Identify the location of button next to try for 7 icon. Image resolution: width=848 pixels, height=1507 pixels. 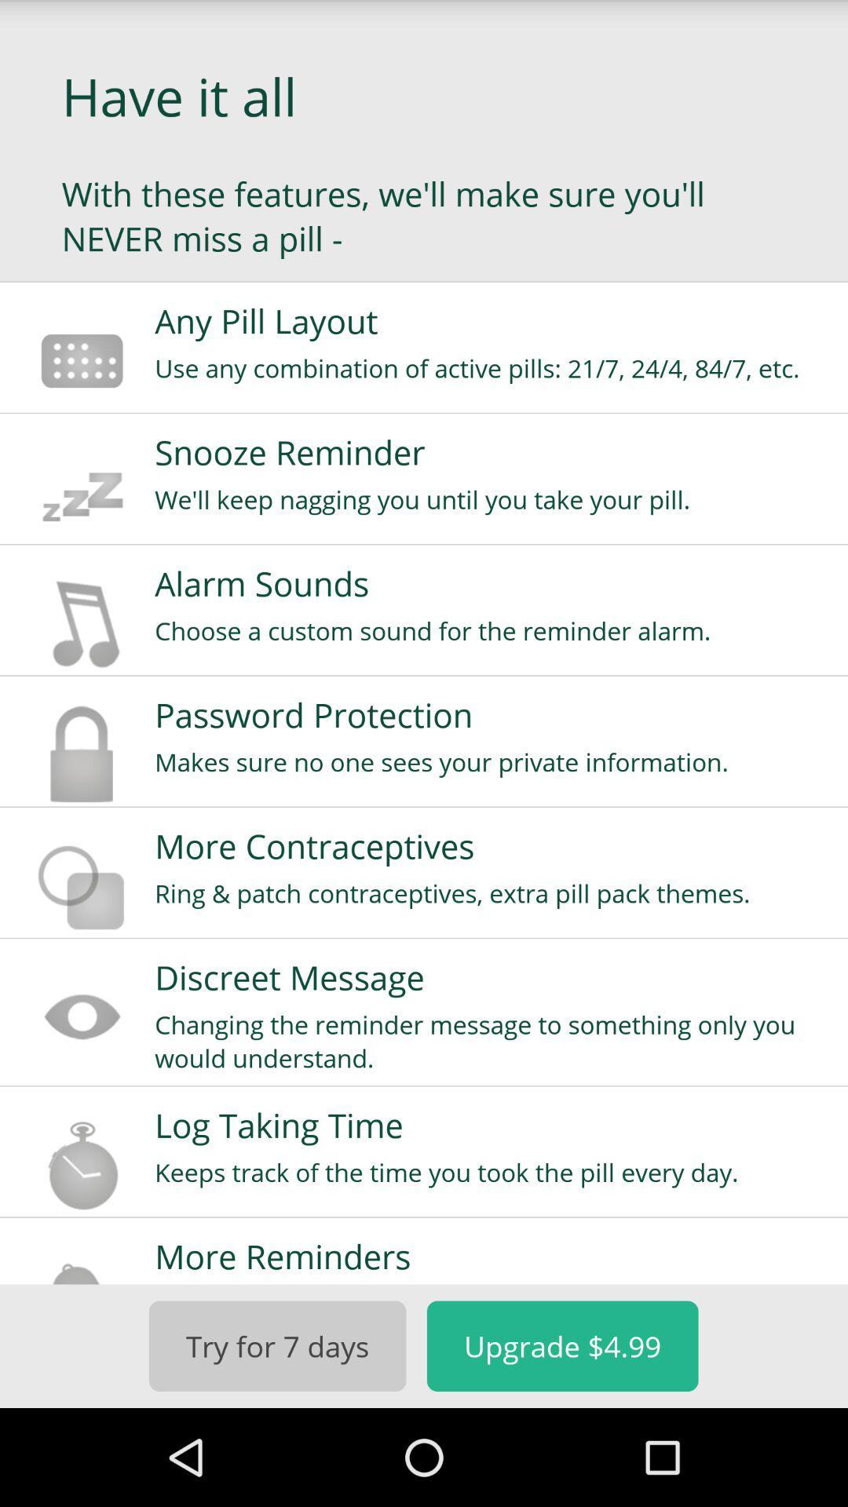
(561, 1345).